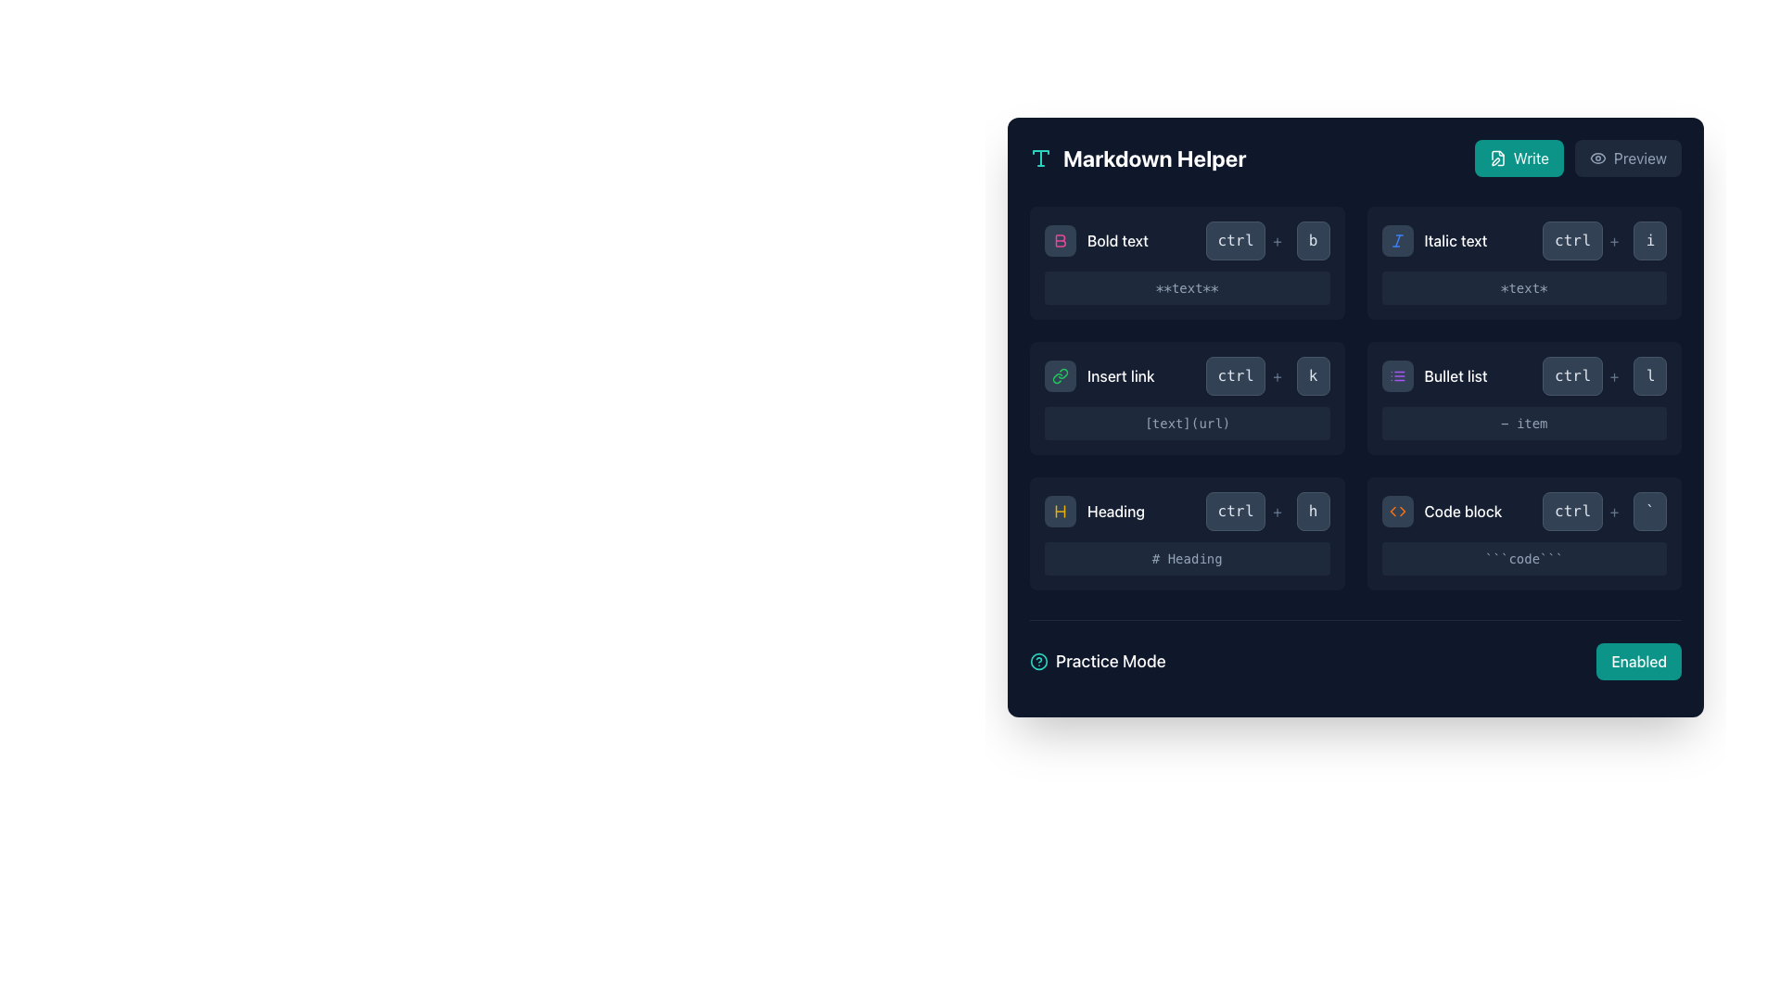  Describe the element at coordinates (1604, 239) in the screenshot. I see `the keyboard shortcut representation for 'ctrl + i' which has a slate gray background and is located to the right of 'Italic text' in the interface` at that location.